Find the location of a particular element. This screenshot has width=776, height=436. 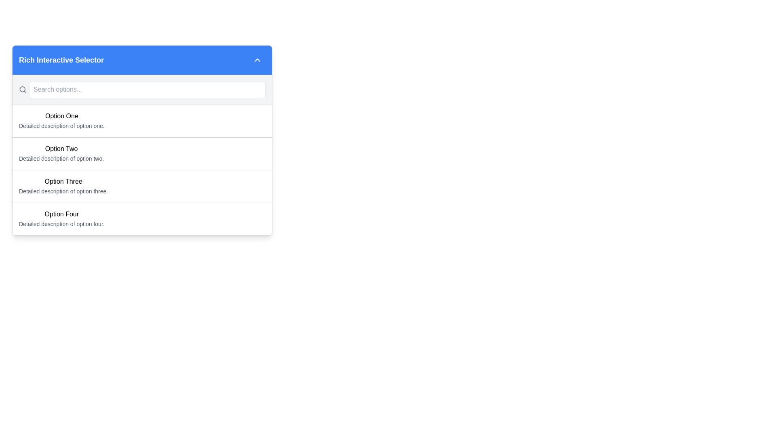

small gray text that reads 'Detailed description of option four.' located beneath the title 'Option Four' in the fourth row of the list is located at coordinates (61, 224).